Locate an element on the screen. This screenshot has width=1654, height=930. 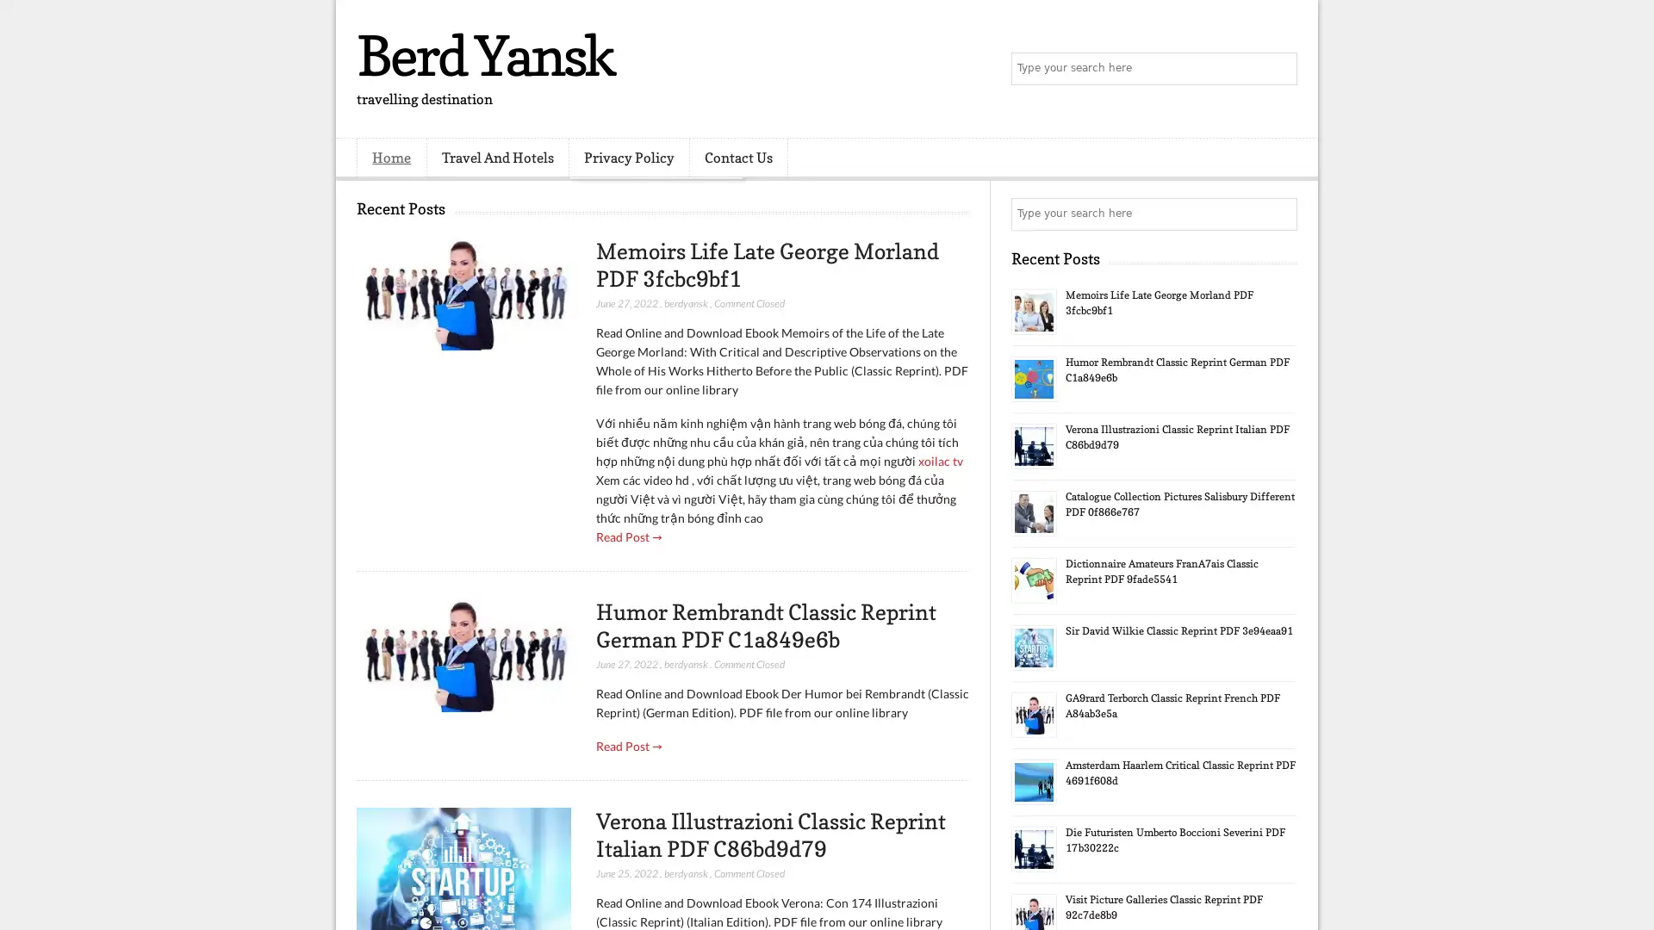
Search is located at coordinates (1279, 214).